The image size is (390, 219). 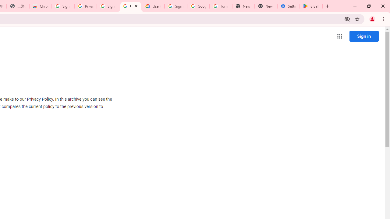 What do you see at coordinates (288, 6) in the screenshot?
I see `'Settings - System'` at bounding box center [288, 6].